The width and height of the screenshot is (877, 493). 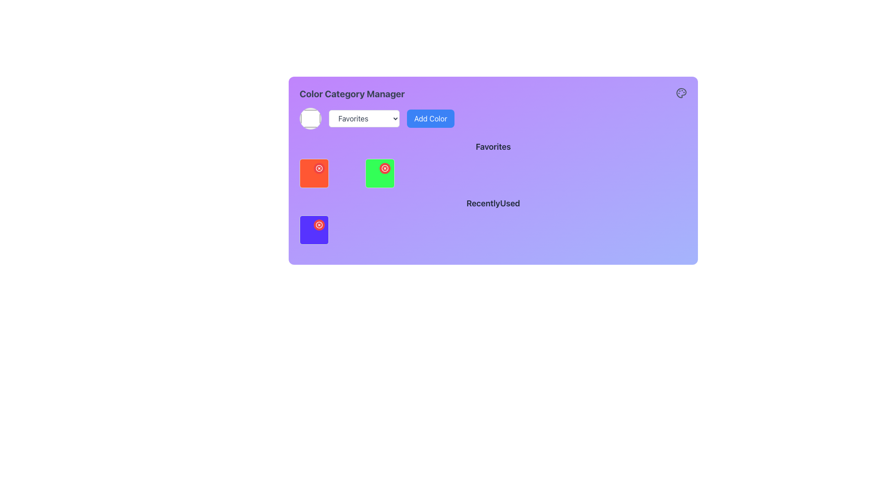 I want to click on the delete button for the color block in the Favorites category, so click(x=319, y=225).